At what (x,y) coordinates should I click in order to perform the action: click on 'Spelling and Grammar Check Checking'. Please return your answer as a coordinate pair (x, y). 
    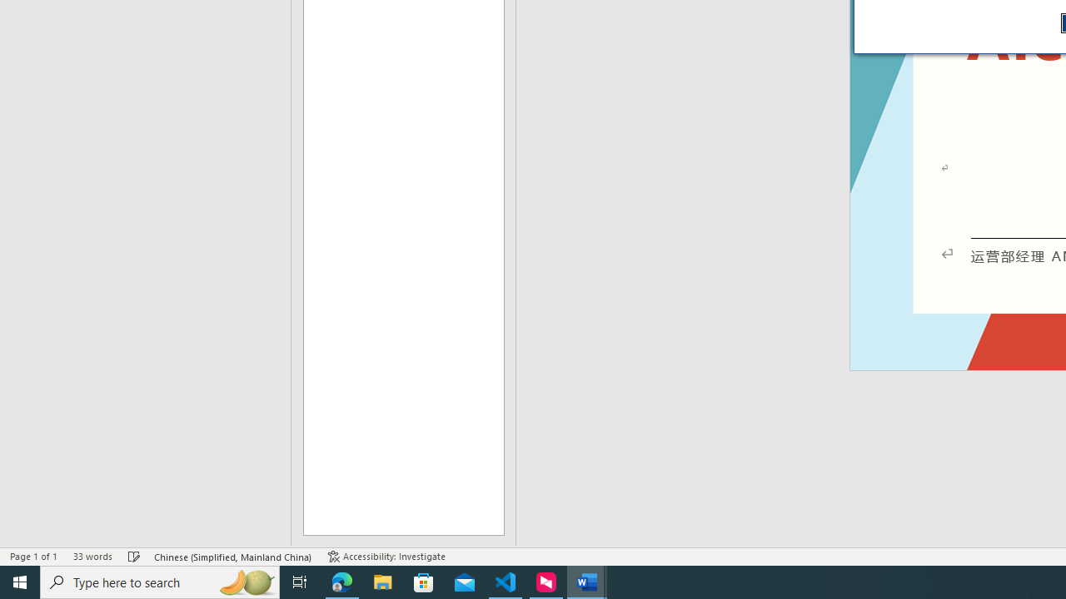
    Looking at the image, I should click on (134, 557).